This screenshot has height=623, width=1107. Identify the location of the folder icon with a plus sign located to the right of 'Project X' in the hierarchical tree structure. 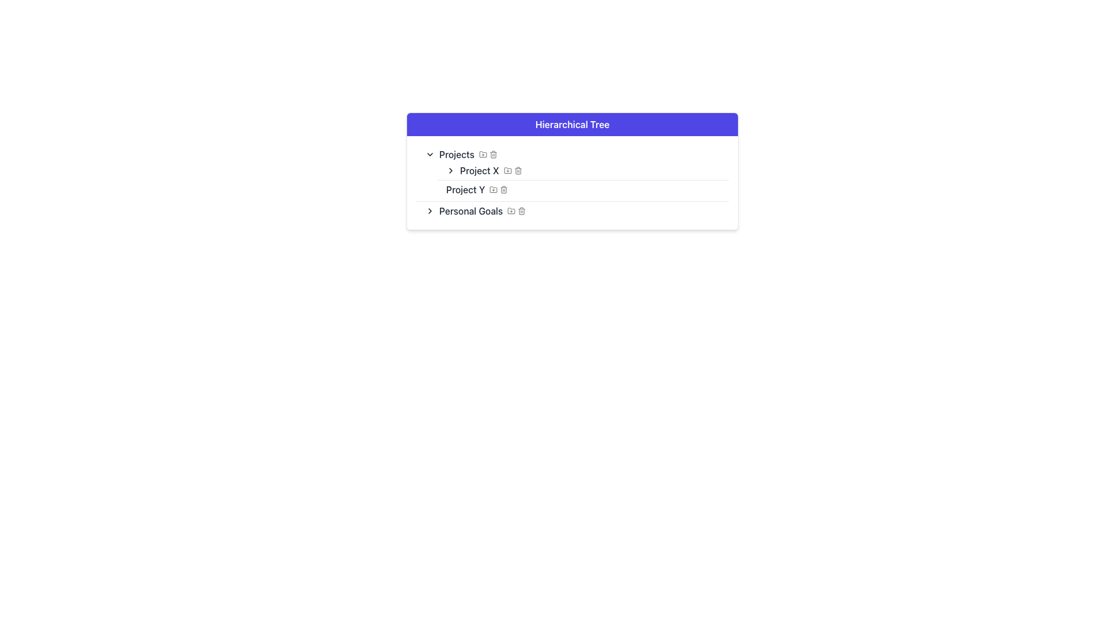
(507, 171).